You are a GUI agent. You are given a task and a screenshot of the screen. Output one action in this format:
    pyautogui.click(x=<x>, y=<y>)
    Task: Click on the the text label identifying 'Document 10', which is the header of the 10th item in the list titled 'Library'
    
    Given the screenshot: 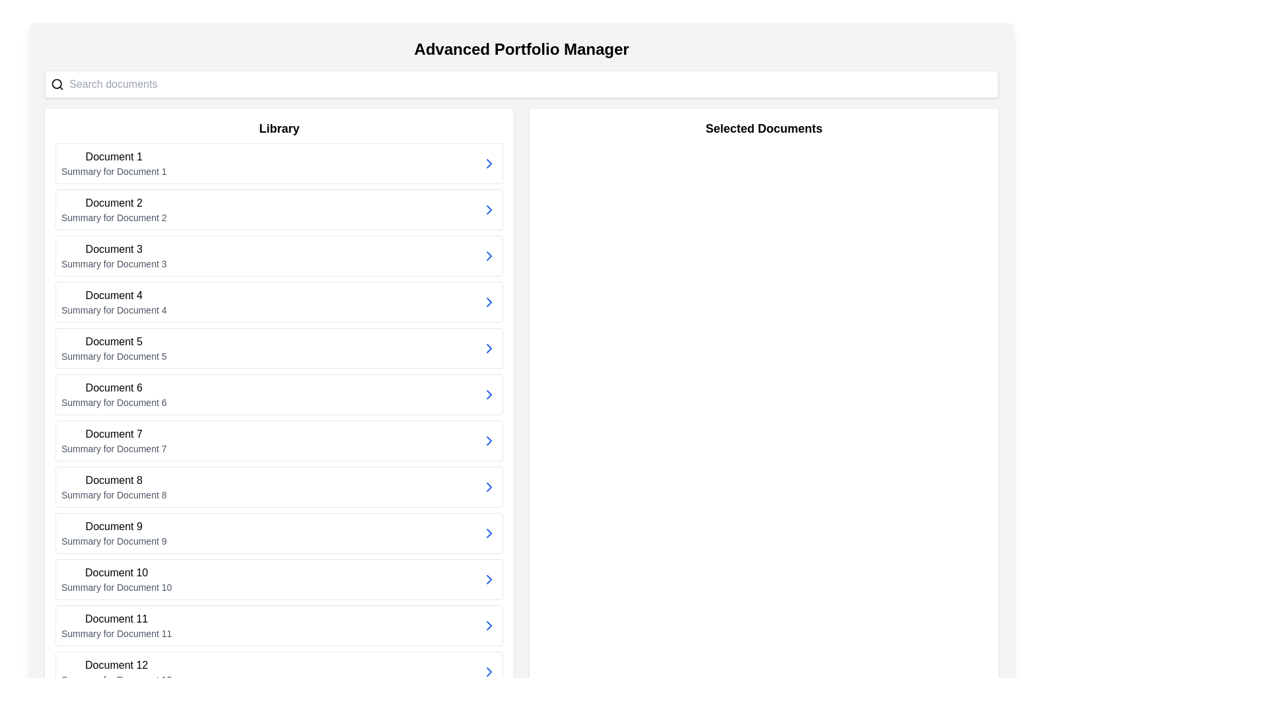 What is the action you would take?
    pyautogui.click(x=116, y=572)
    